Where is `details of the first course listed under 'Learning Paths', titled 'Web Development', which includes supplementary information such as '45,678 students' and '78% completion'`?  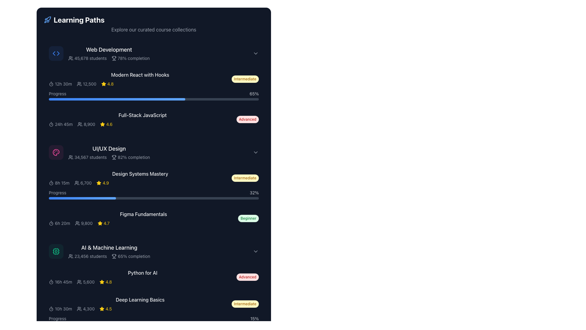
details of the first course listed under 'Learning Paths', titled 'Web Development', which includes supplementary information such as '45,678 students' and '78% completion' is located at coordinates (109, 53).